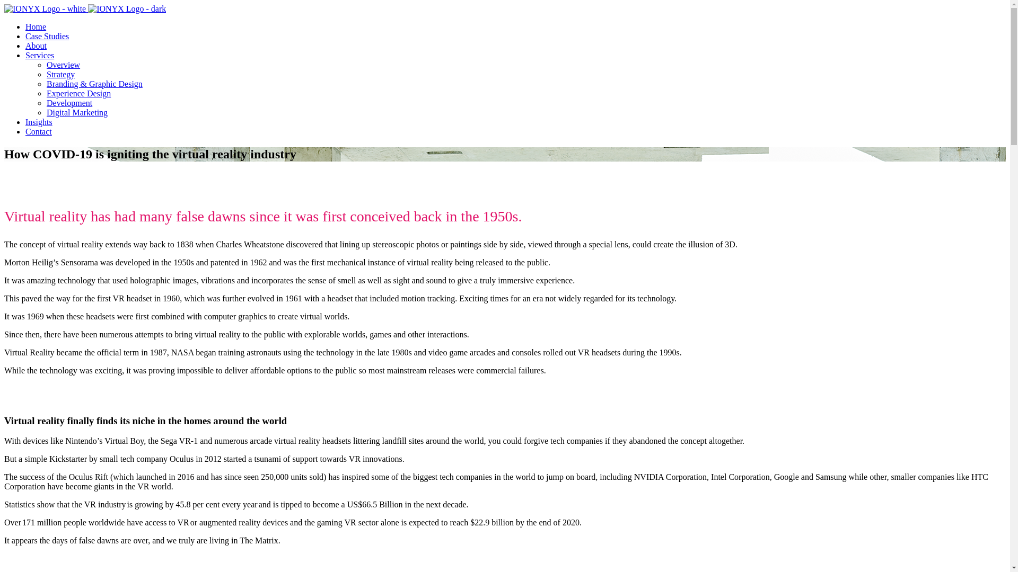 The height and width of the screenshot is (572, 1018). I want to click on 'Home', so click(36, 26).